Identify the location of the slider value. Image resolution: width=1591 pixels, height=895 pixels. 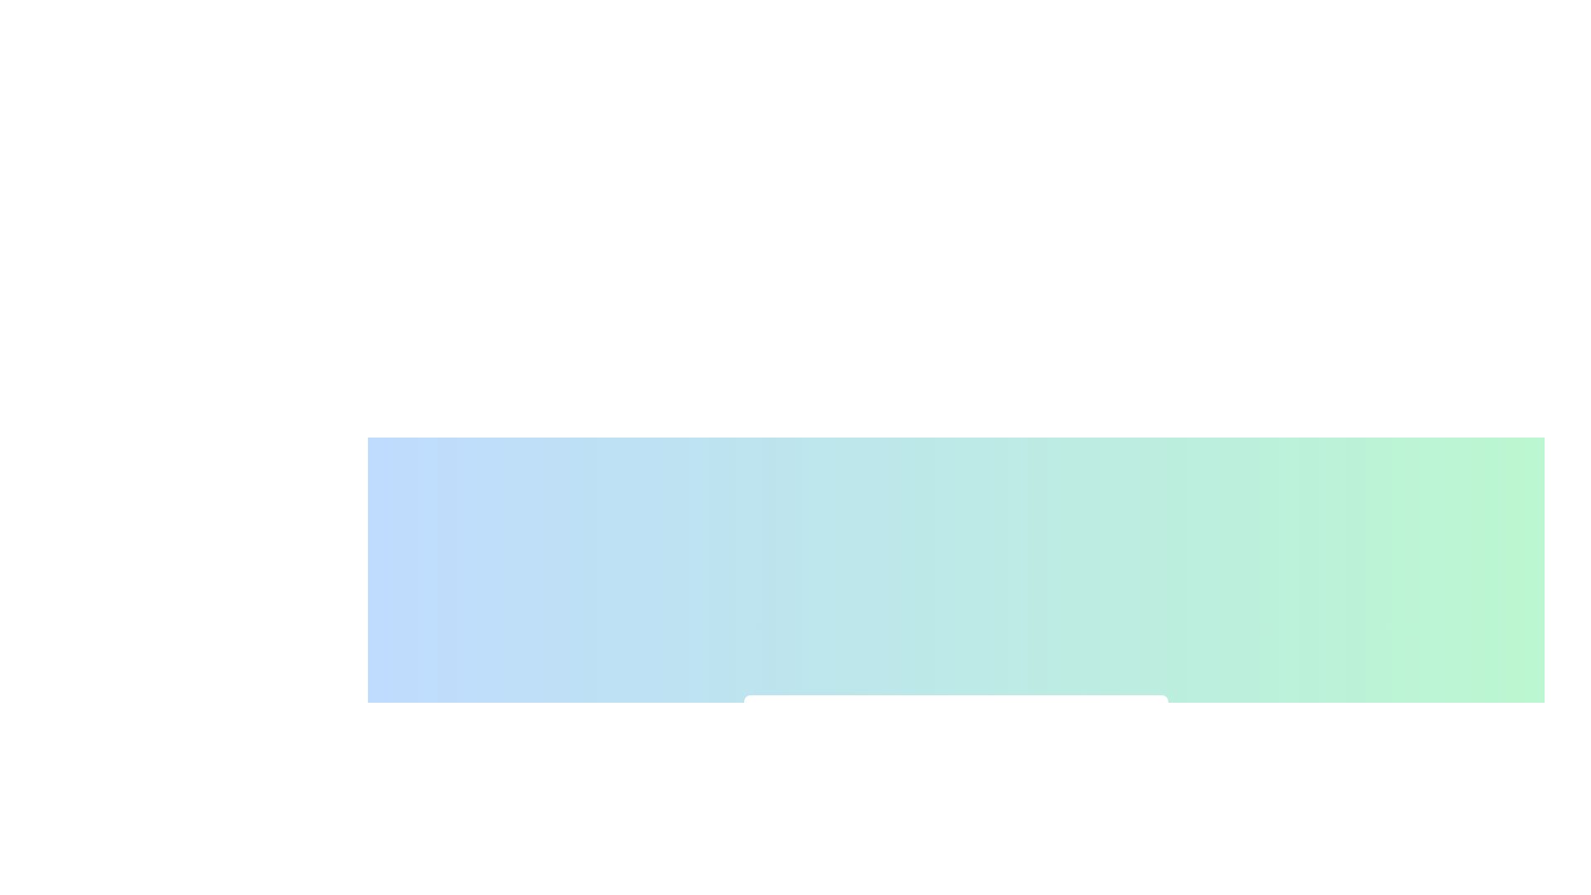
(1033, 810).